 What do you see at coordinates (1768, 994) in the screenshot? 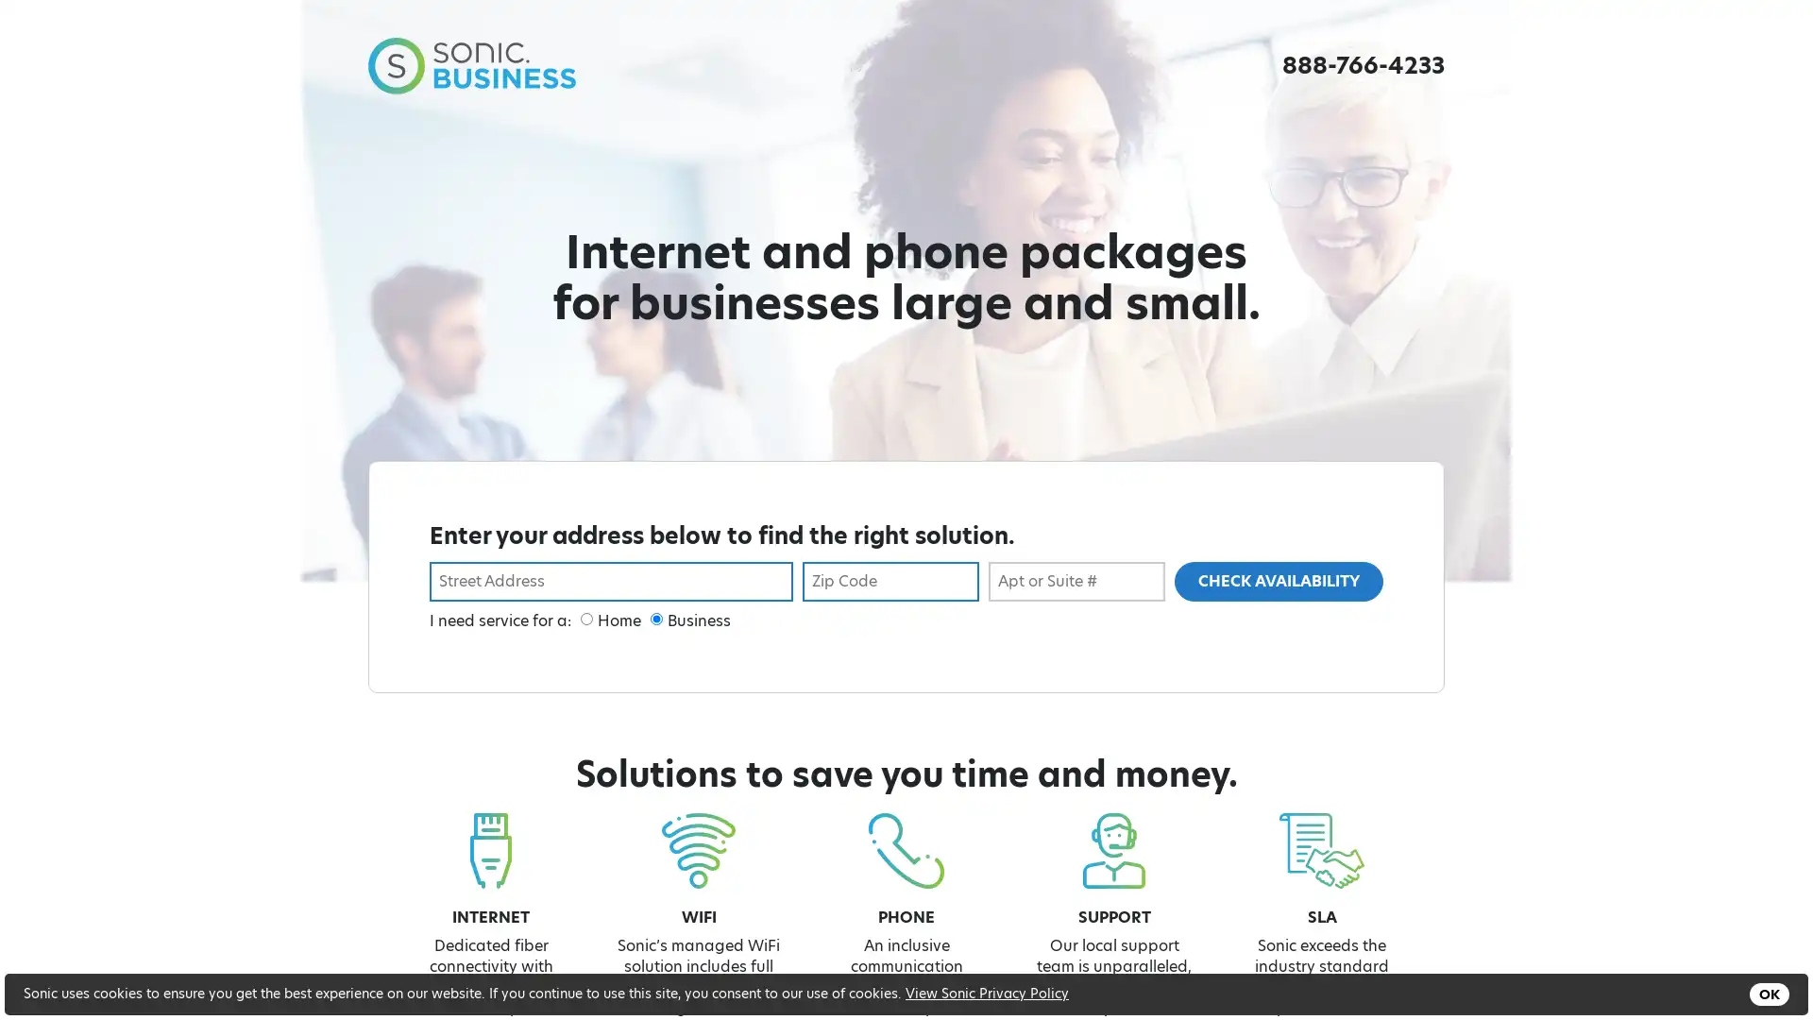
I see `OK` at bounding box center [1768, 994].